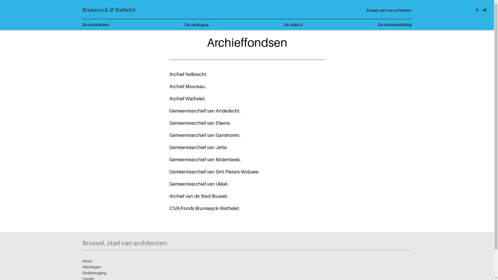  What do you see at coordinates (108, 9) in the screenshot?
I see `'Brunswyck & Wathelet'` at bounding box center [108, 9].